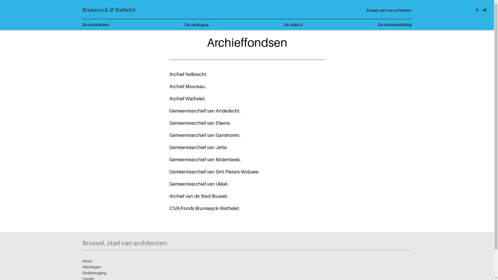  What do you see at coordinates (108, 9) in the screenshot?
I see `'Brunswyck & Wathelet'` at bounding box center [108, 9].